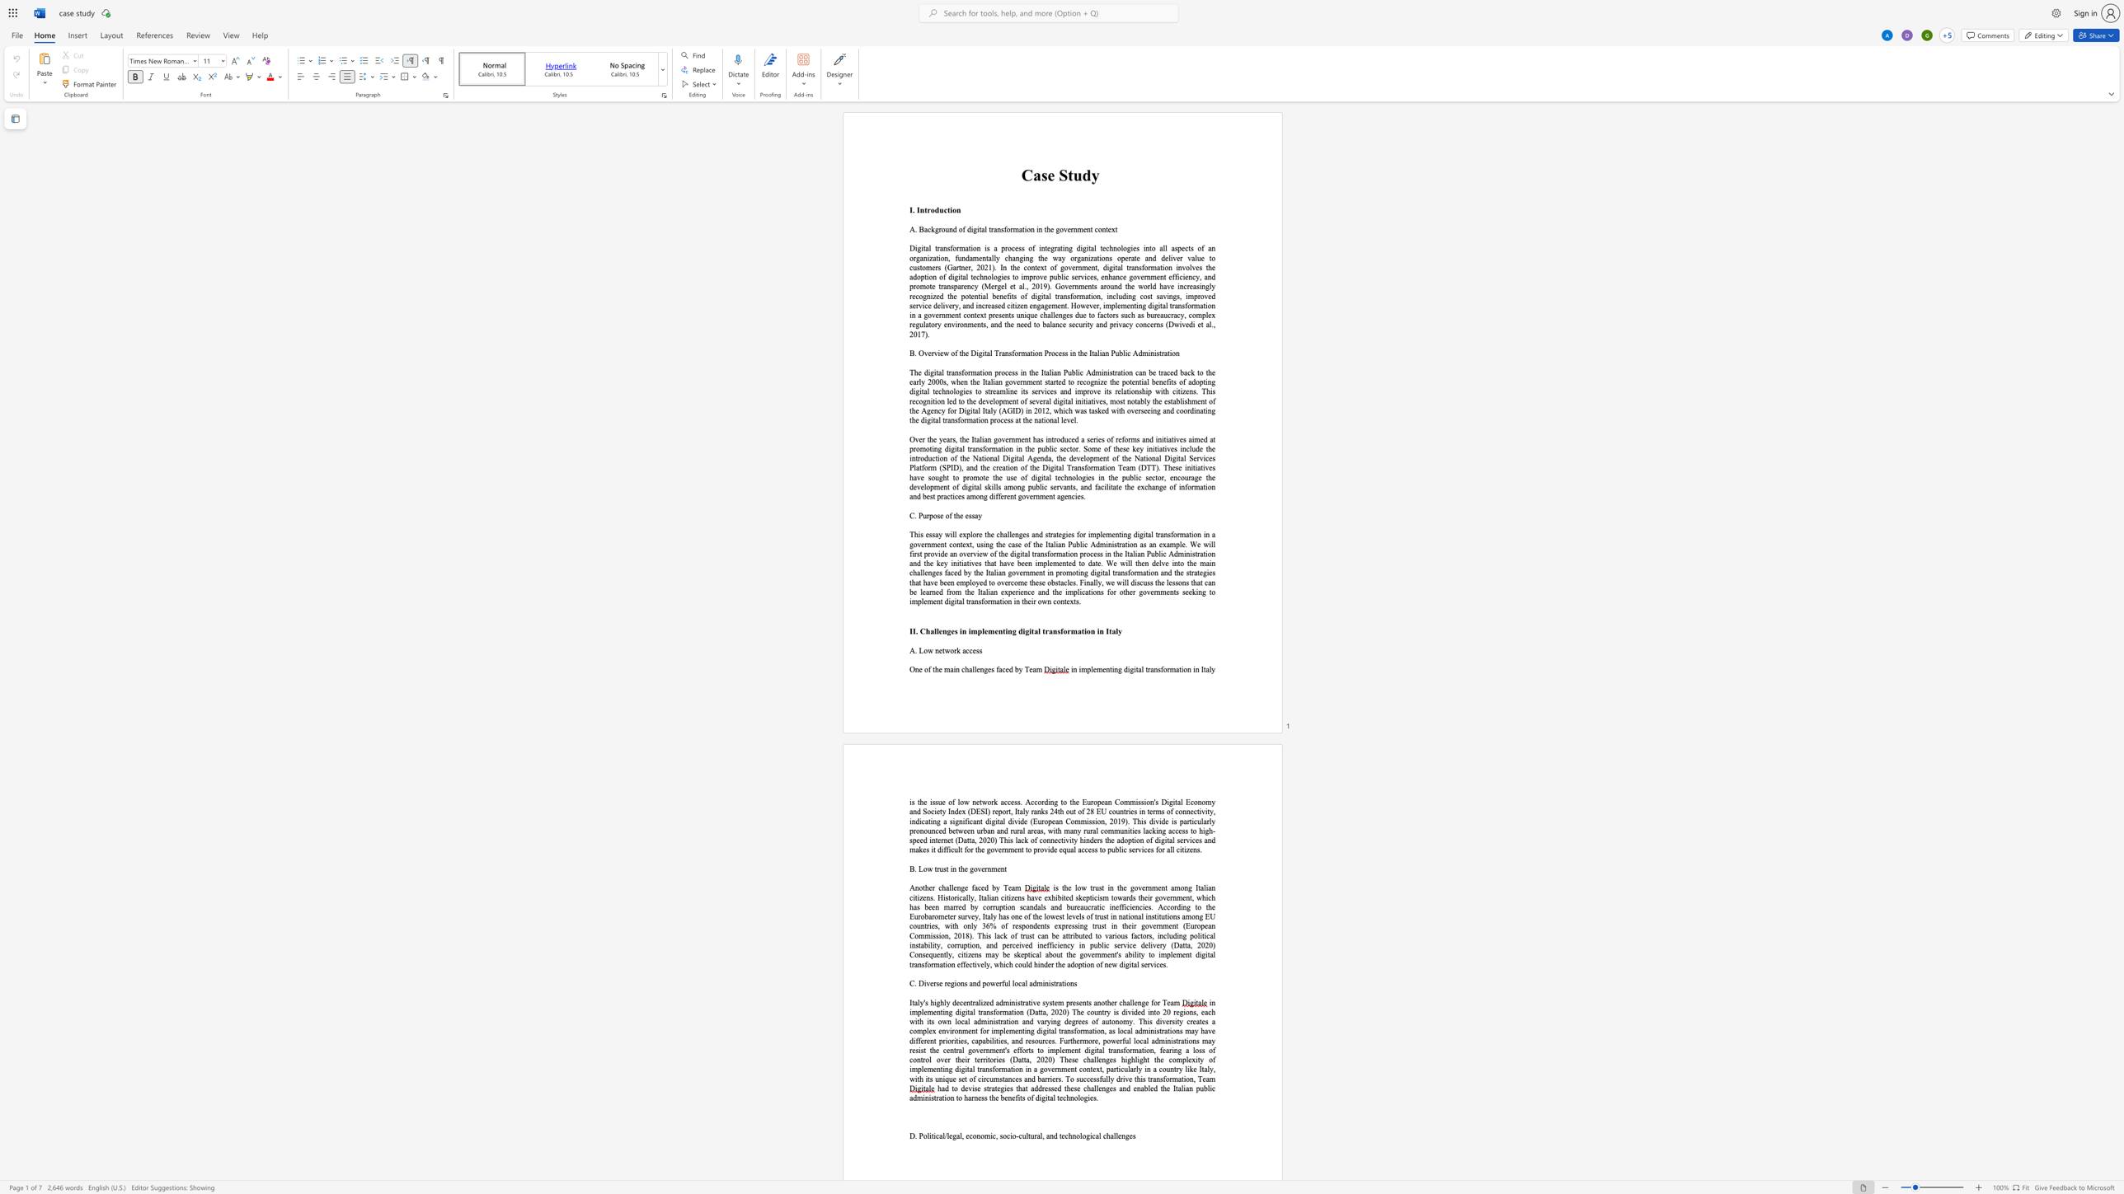 This screenshot has width=2124, height=1194. Describe the element at coordinates (996, 229) in the screenshot. I see `the space between the continuous character "a" and "n" in the text` at that location.